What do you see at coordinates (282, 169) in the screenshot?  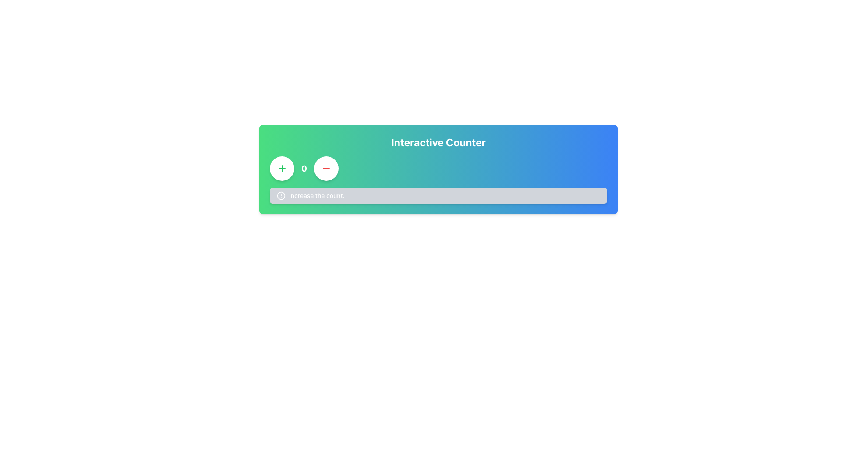 I see `the button that increases the counter value displayed next to it, which is located to the left of the numerical display '0'` at bounding box center [282, 169].